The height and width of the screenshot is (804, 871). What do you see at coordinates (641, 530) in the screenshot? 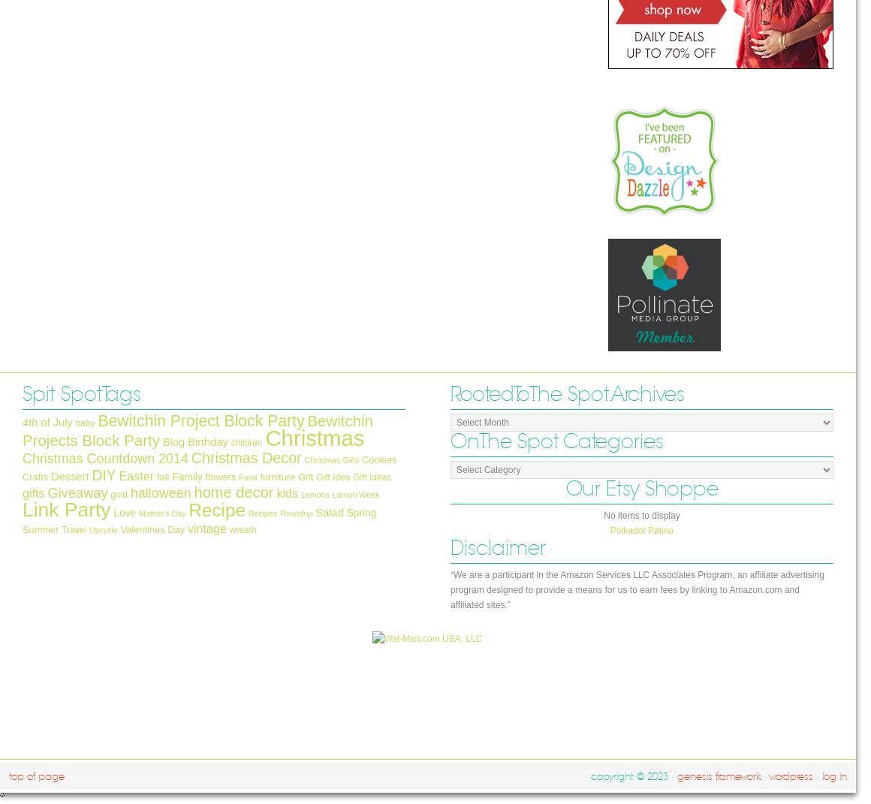
I see `'Polkadot Patina'` at bounding box center [641, 530].